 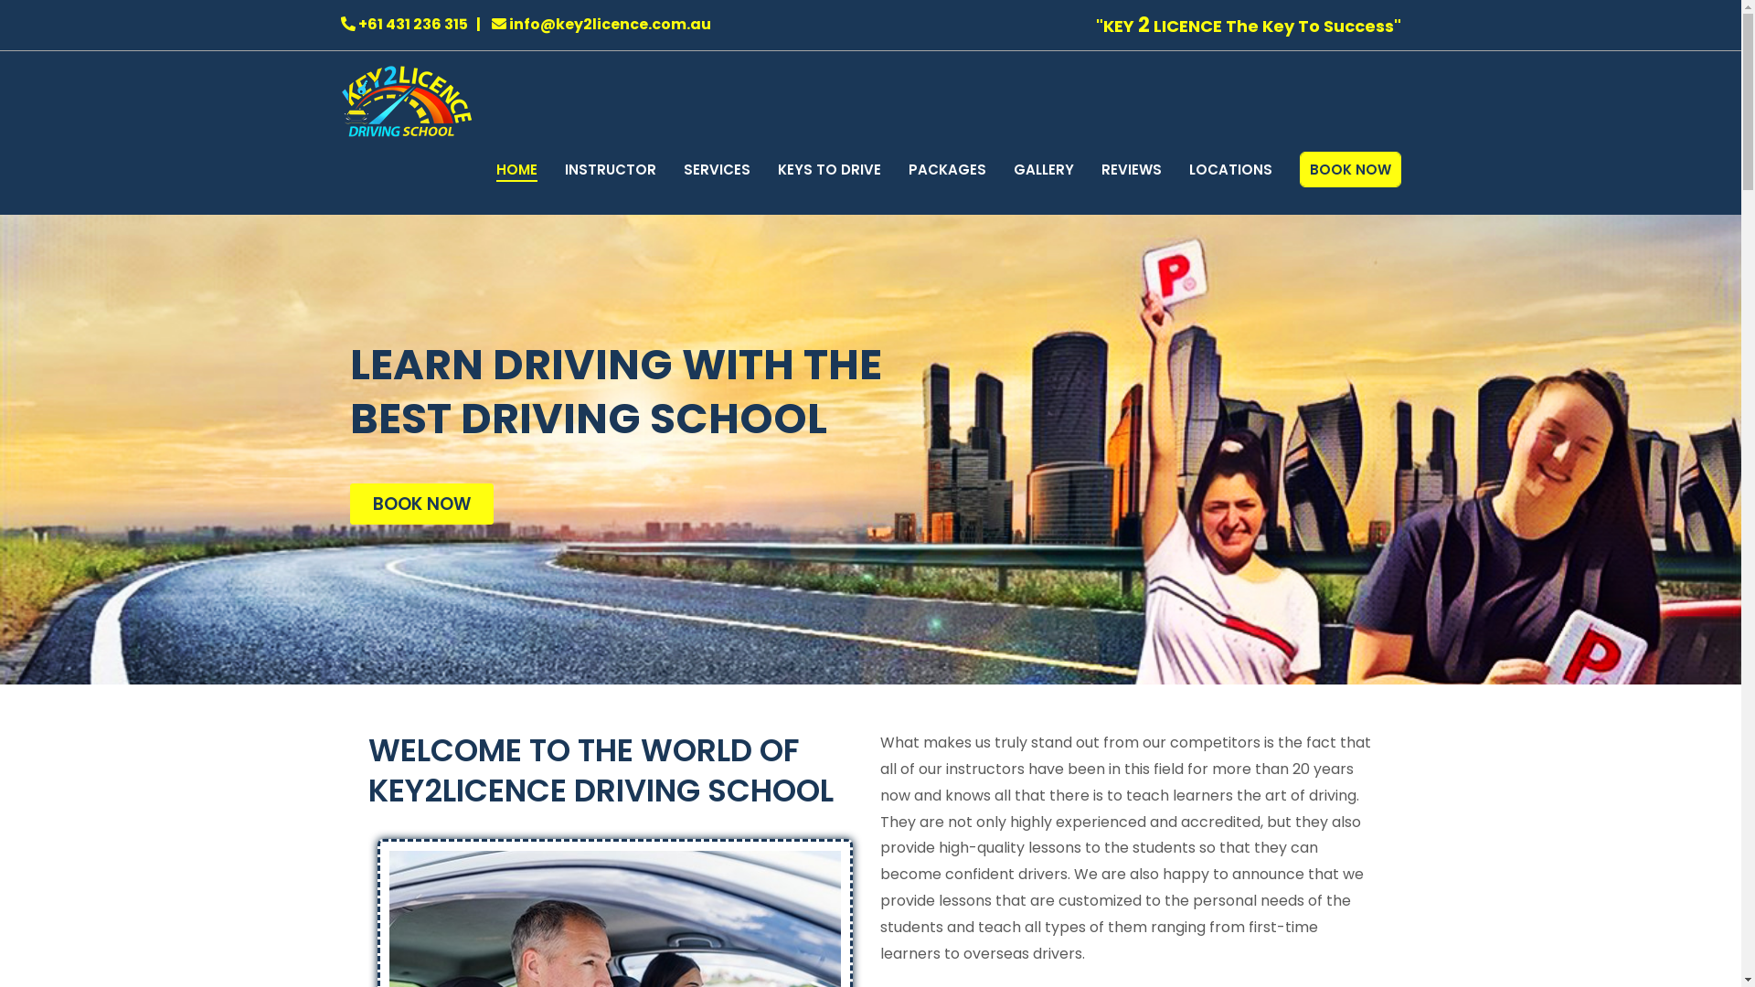 I want to click on 'BOOK NOW', so click(x=349, y=504).